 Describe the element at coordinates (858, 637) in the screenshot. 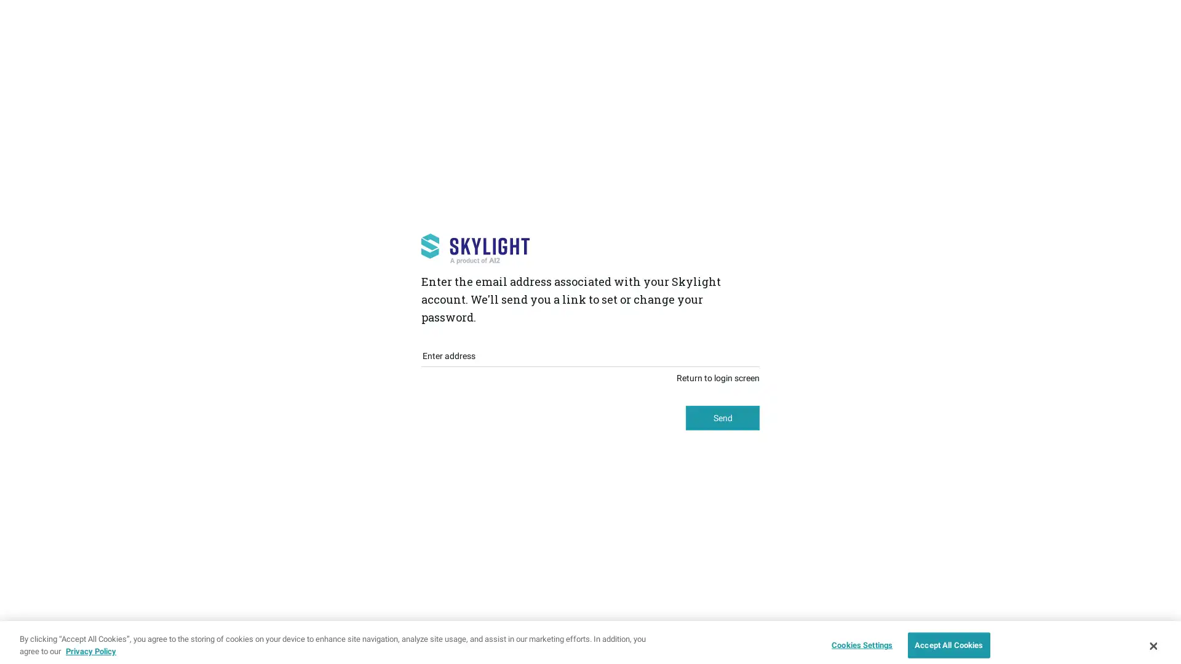

I see `Cookies Settings` at that location.